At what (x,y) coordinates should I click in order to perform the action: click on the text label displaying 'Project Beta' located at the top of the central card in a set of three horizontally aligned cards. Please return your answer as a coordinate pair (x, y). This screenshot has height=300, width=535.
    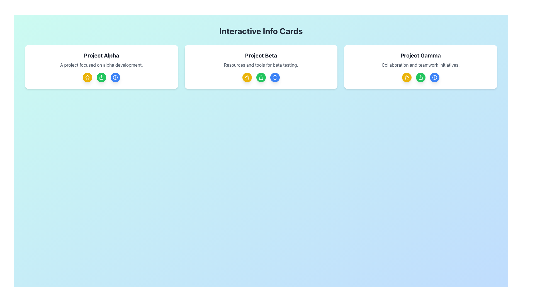
    Looking at the image, I should click on (261, 56).